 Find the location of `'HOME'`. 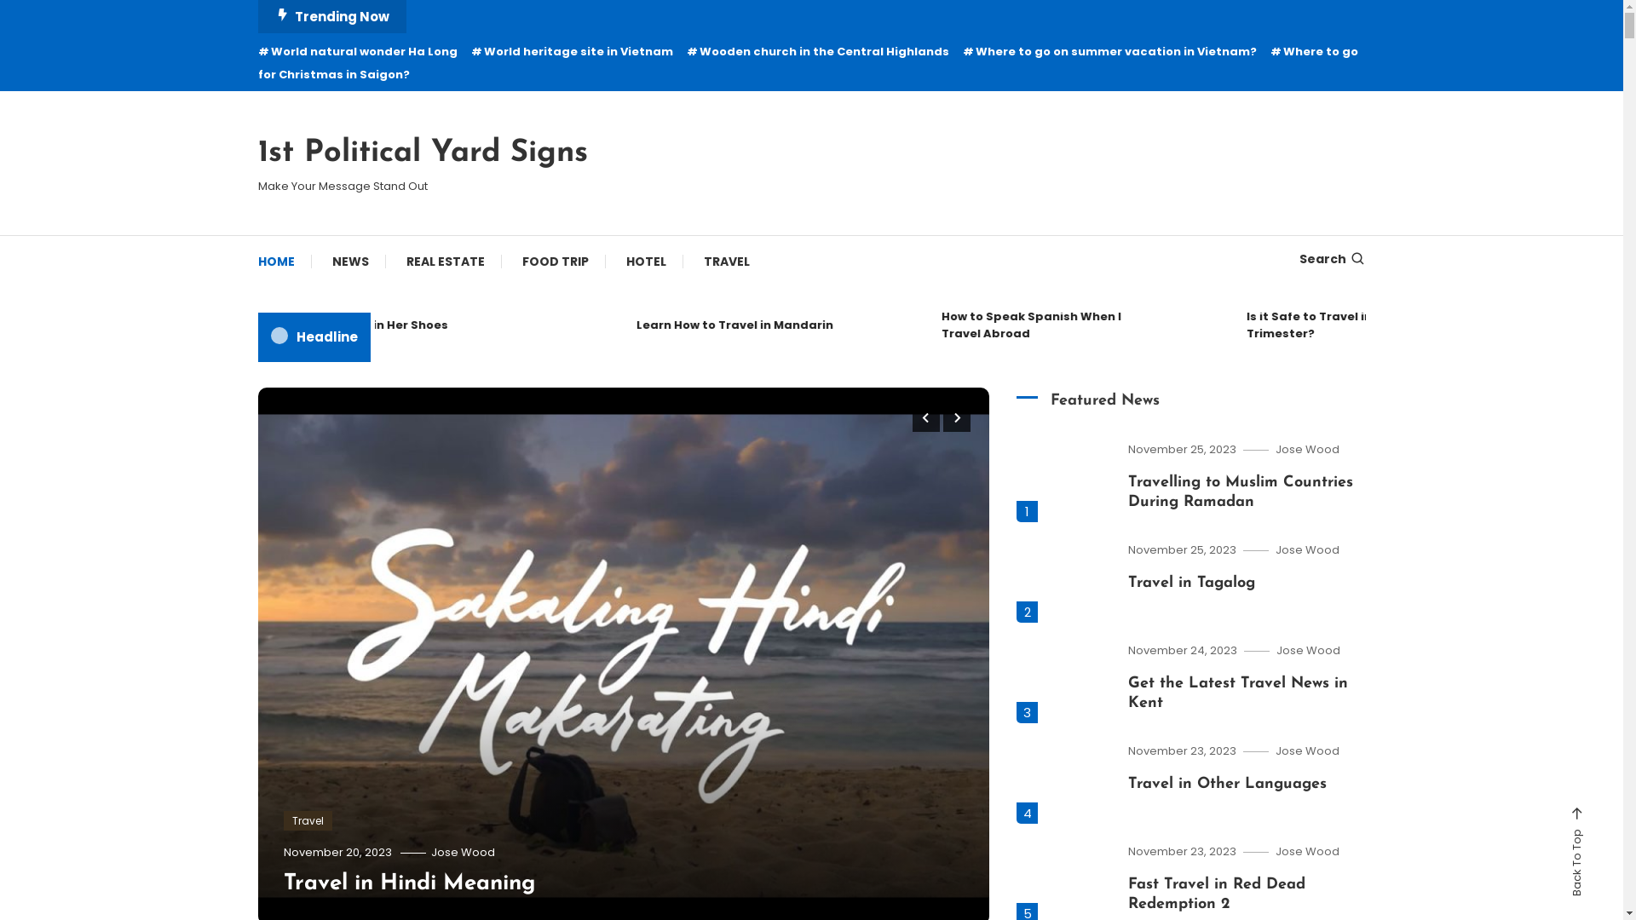

'HOME' is located at coordinates (284, 262).